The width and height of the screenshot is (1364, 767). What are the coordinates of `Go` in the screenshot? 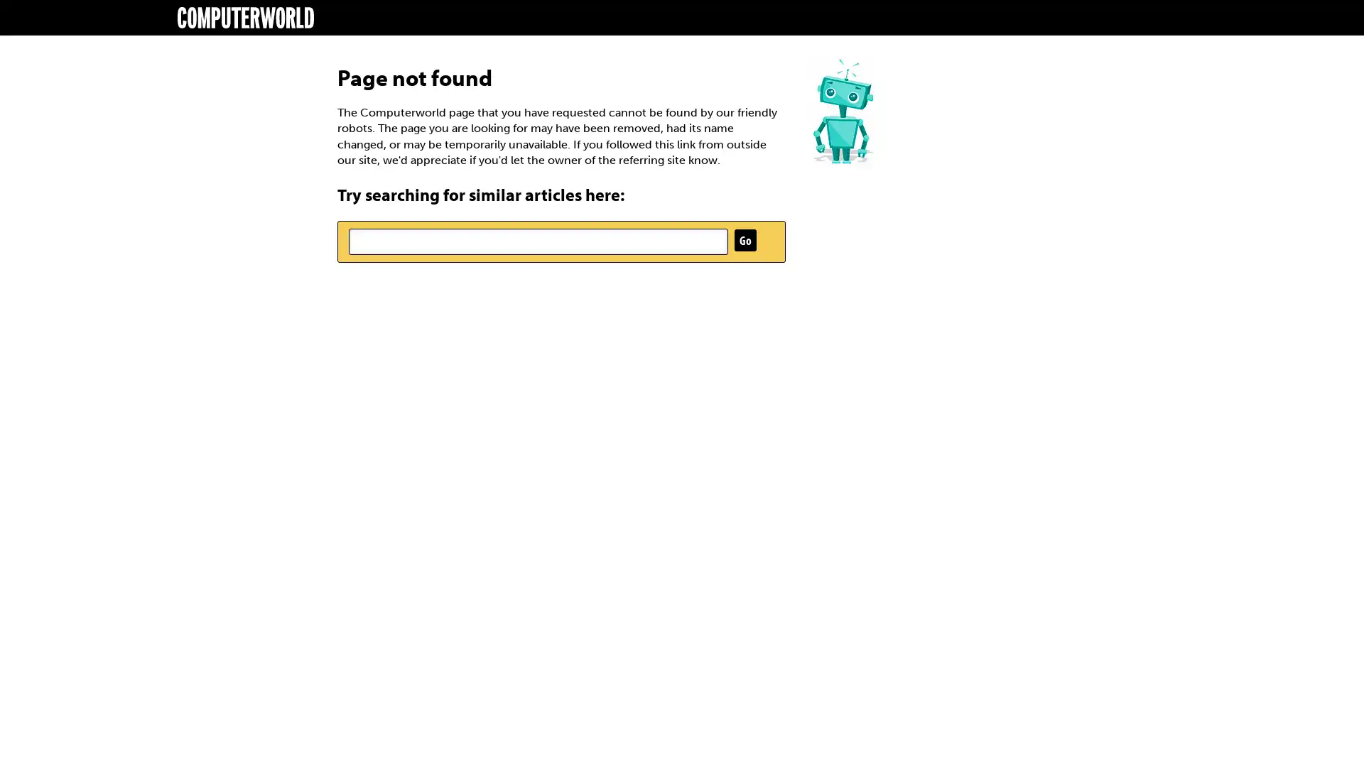 It's located at (744, 239).